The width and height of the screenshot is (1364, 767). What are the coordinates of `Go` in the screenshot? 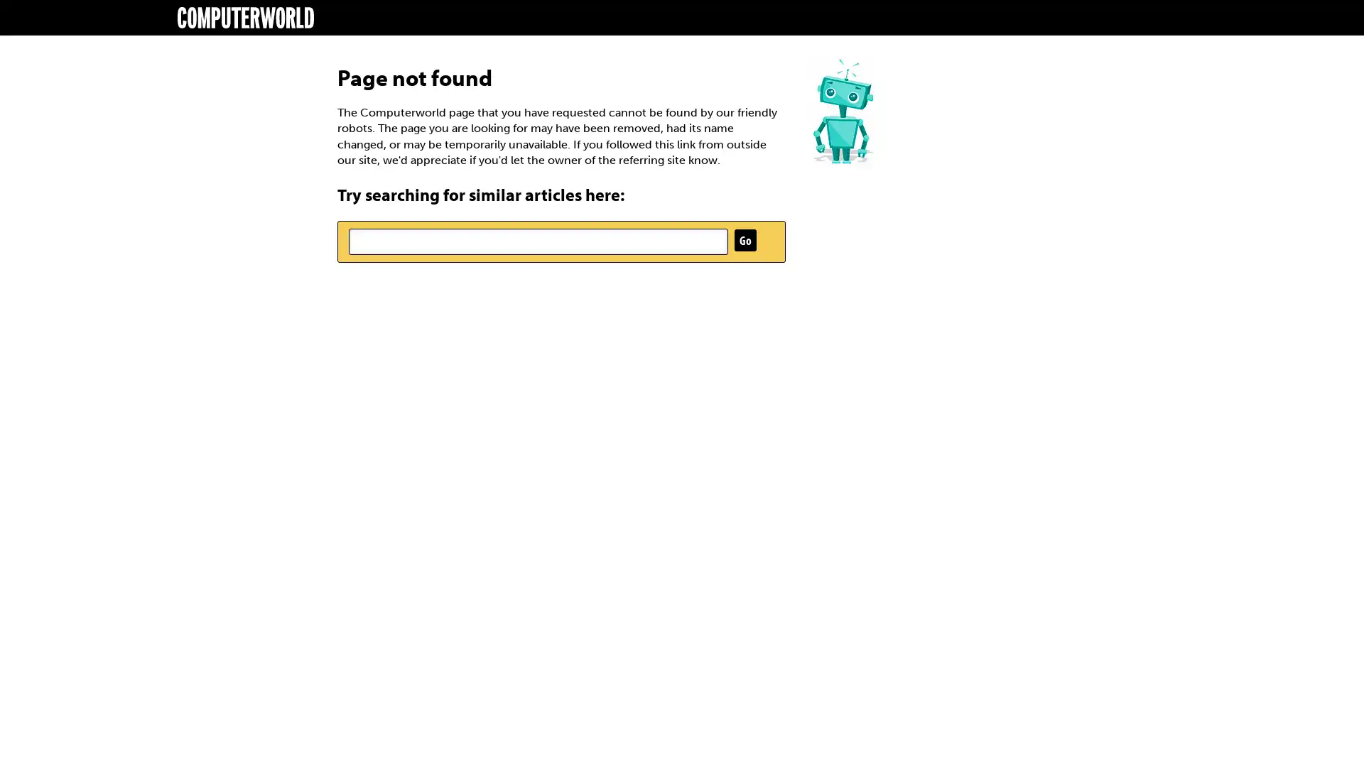 It's located at (744, 239).